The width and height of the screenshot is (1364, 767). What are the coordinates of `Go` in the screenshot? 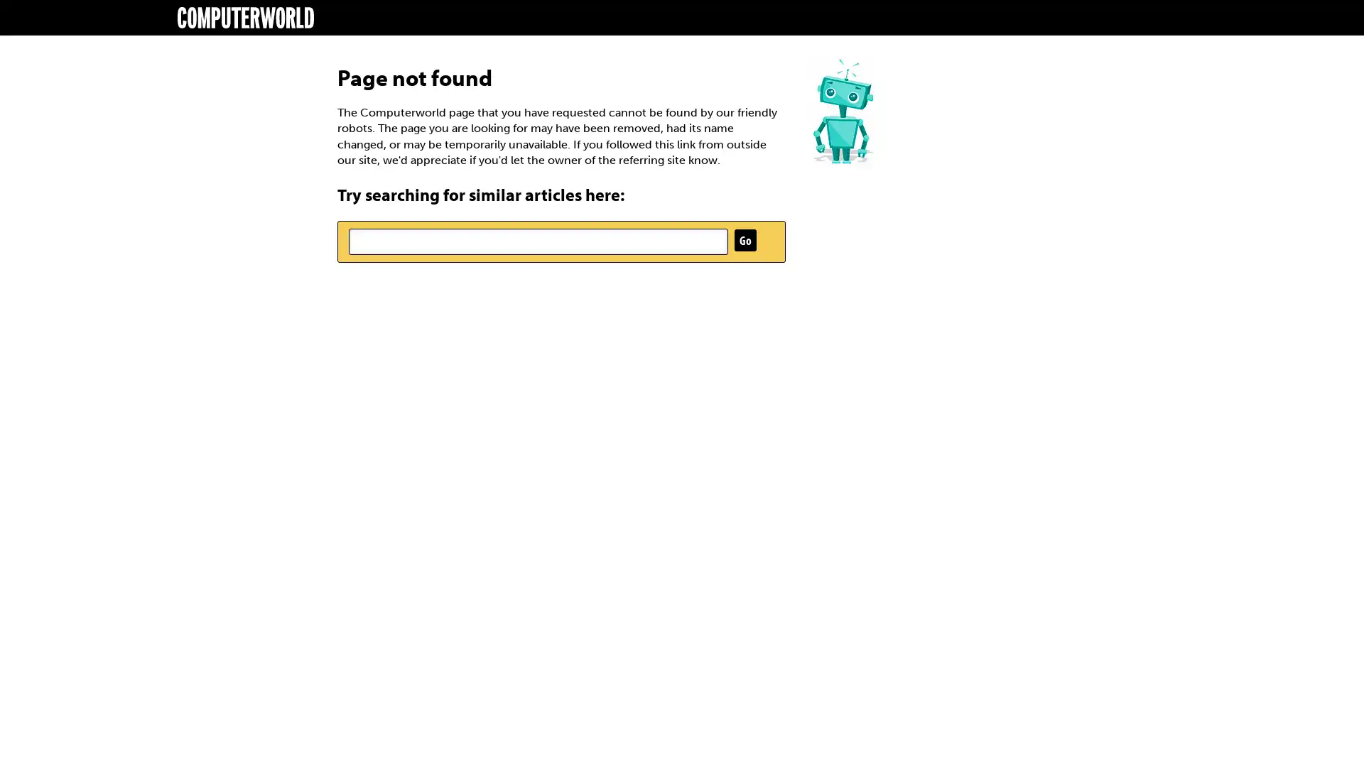 It's located at (744, 239).